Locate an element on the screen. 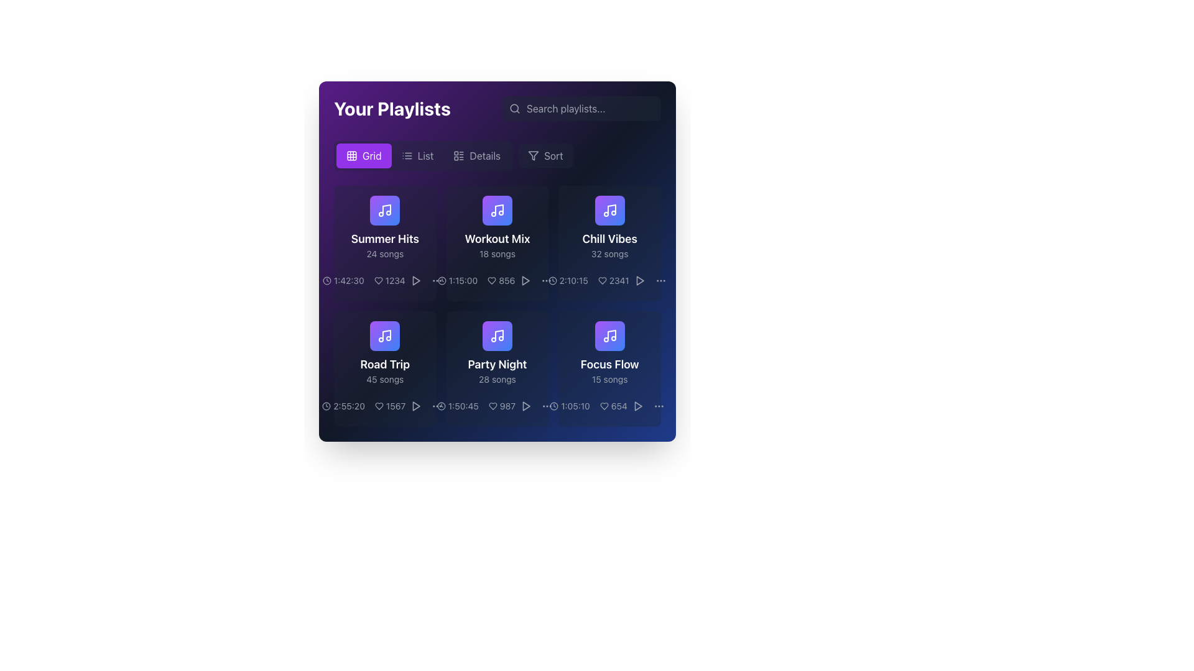 This screenshot has height=671, width=1194. the text label representing the playlist titled 'Summer Hits' located in the first column of the grid layout under 'Your Playlists' to focus or select it is located at coordinates (384, 245).